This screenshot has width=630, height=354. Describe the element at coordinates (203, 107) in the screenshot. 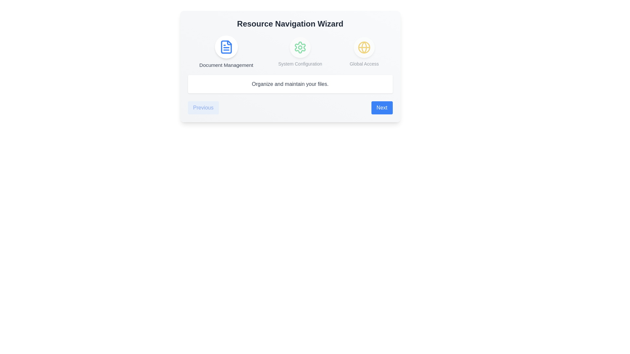

I see `'Previous' button to navigate to the previous step` at that location.